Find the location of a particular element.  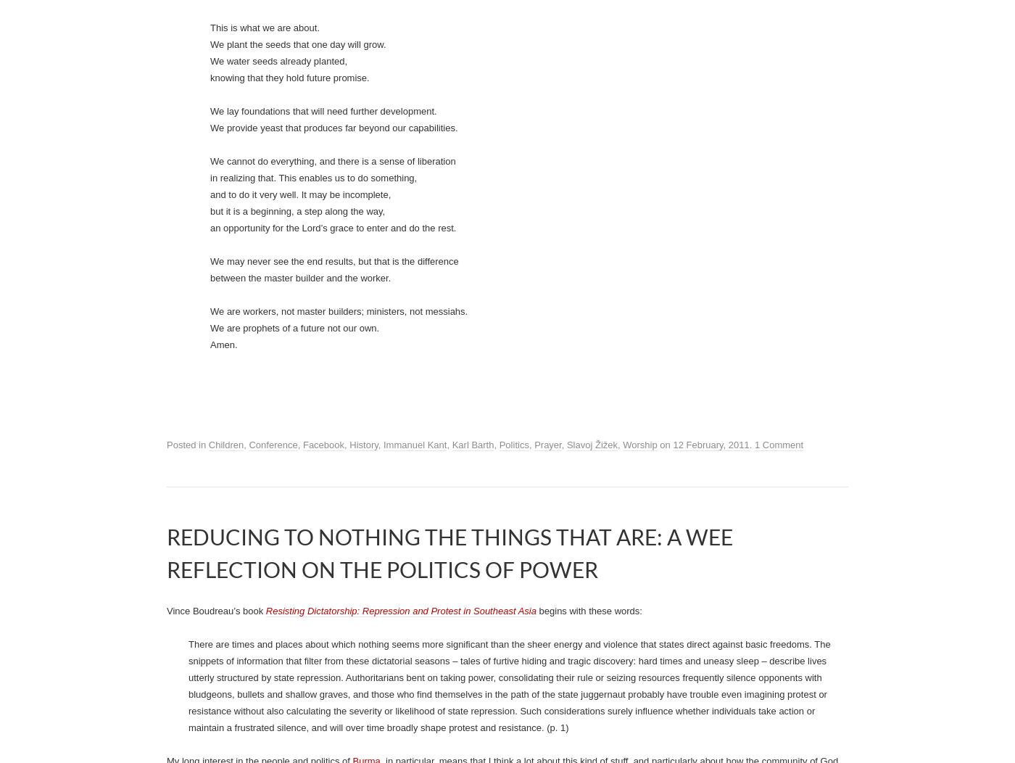

'Jason Byassee on' is located at coordinates (233, 188).